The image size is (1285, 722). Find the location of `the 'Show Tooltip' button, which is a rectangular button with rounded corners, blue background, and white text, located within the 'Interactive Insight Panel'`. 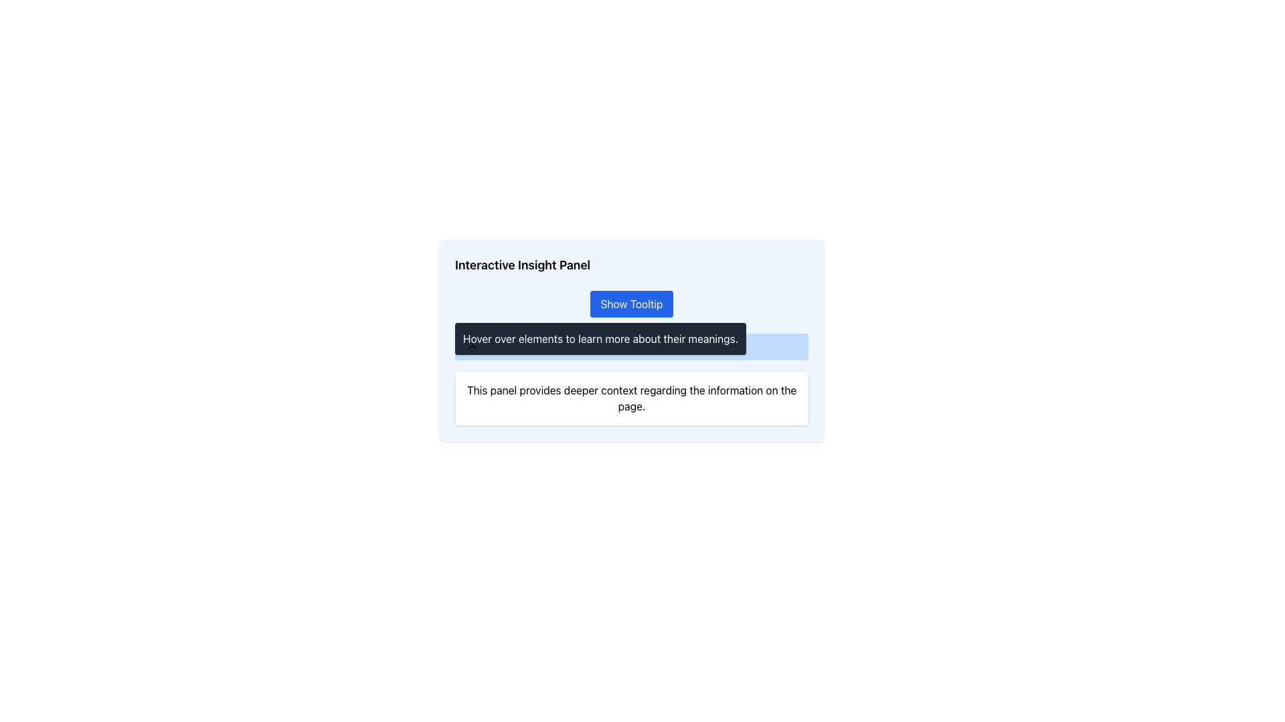

the 'Show Tooltip' button, which is a rectangular button with rounded corners, blue background, and white text, located within the 'Interactive Insight Panel' is located at coordinates (631, 304).